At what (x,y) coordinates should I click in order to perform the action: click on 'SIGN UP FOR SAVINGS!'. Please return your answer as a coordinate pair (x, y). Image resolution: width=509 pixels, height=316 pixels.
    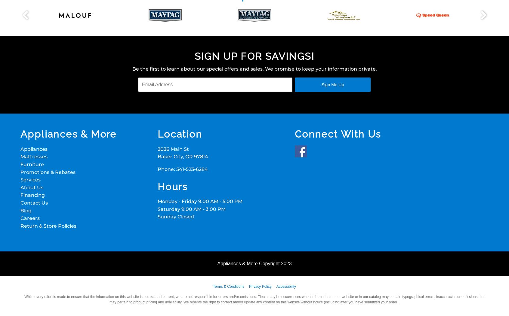
    Looking at the image, I should click on (195, 56).